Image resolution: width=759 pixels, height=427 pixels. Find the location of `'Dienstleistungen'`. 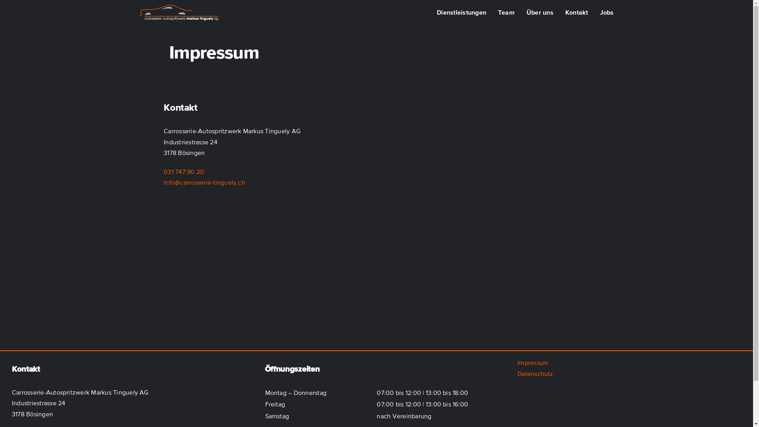

'Dienstleistungen' is located at coordinates (461, 12).